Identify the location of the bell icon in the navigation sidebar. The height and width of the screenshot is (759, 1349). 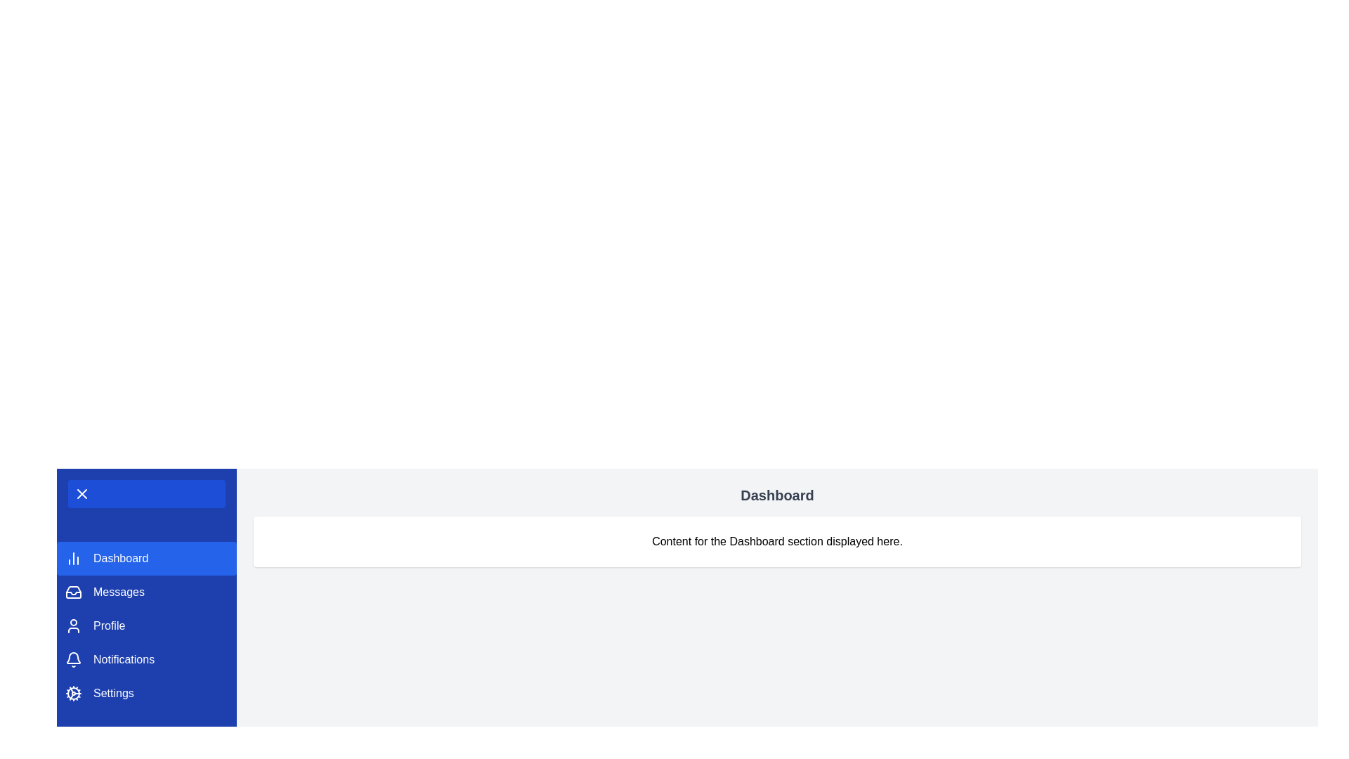
(73, 658).